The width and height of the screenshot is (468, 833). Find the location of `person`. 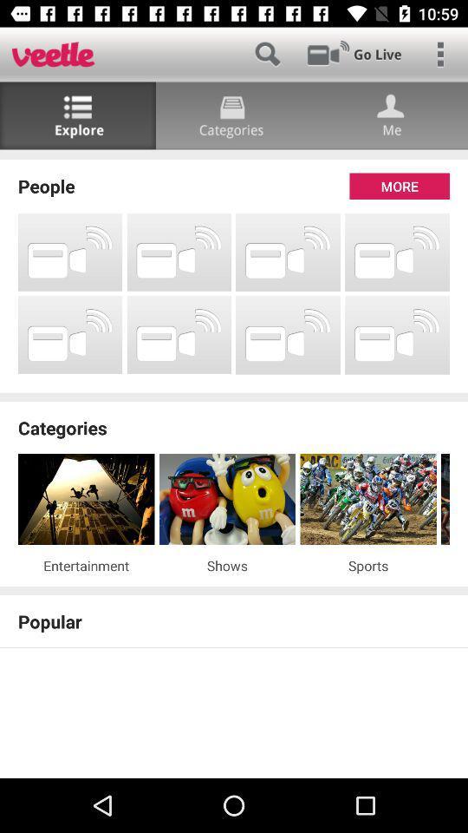

person is located at coordinates (389, 115).